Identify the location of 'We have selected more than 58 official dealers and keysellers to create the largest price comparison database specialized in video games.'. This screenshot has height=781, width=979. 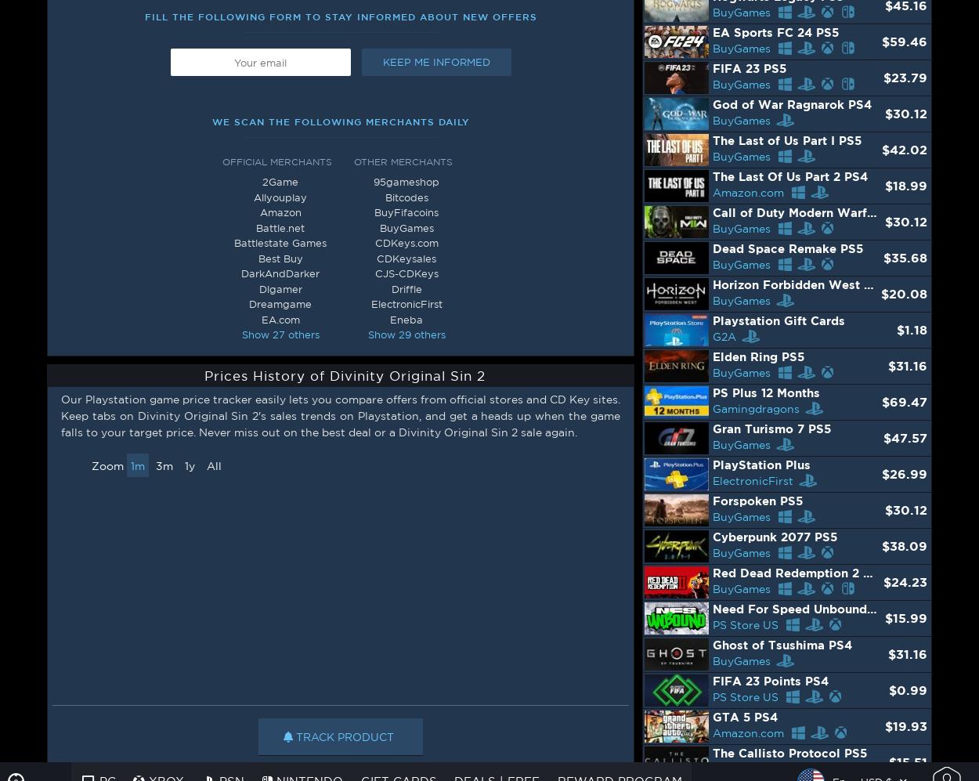
(366, 549).